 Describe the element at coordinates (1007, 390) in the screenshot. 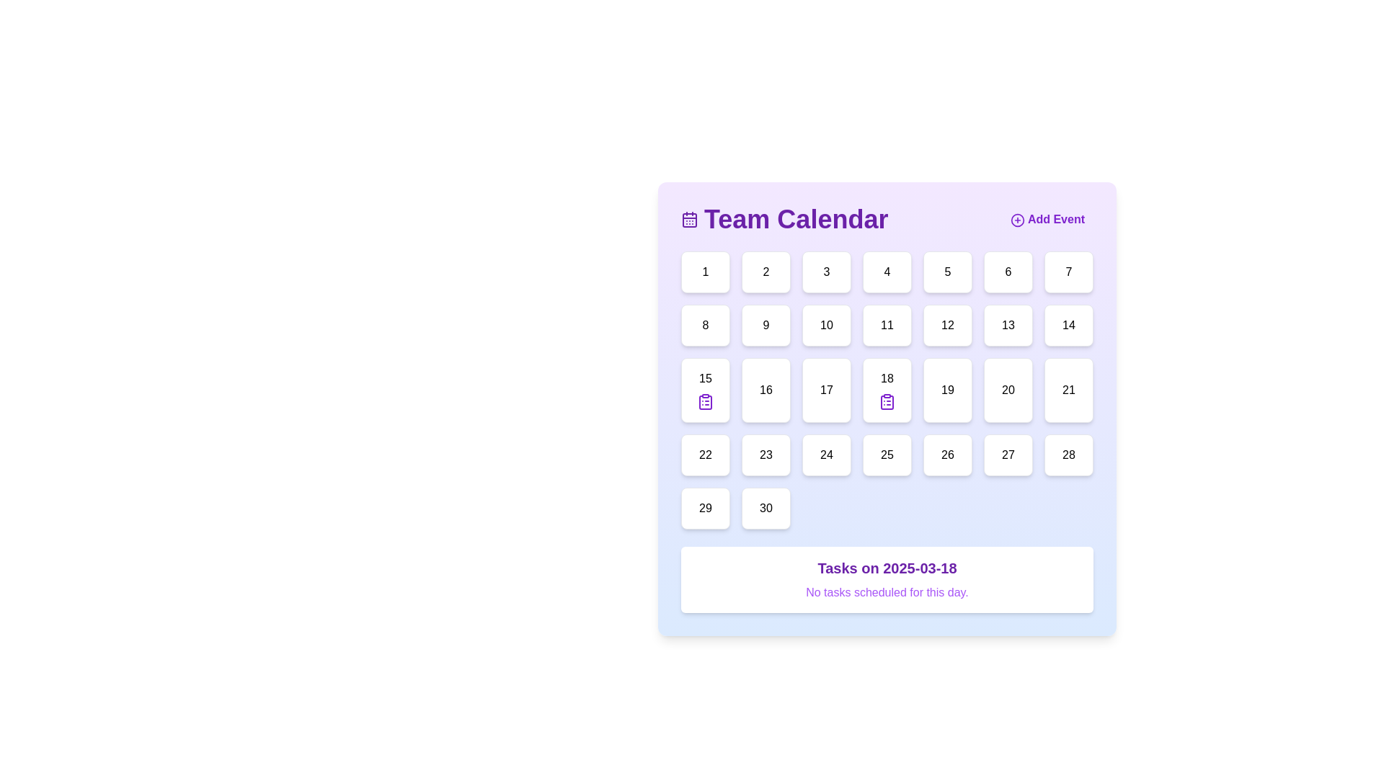

I see `the button displaying the number '20', which is a white card with rounded corners` at that location.